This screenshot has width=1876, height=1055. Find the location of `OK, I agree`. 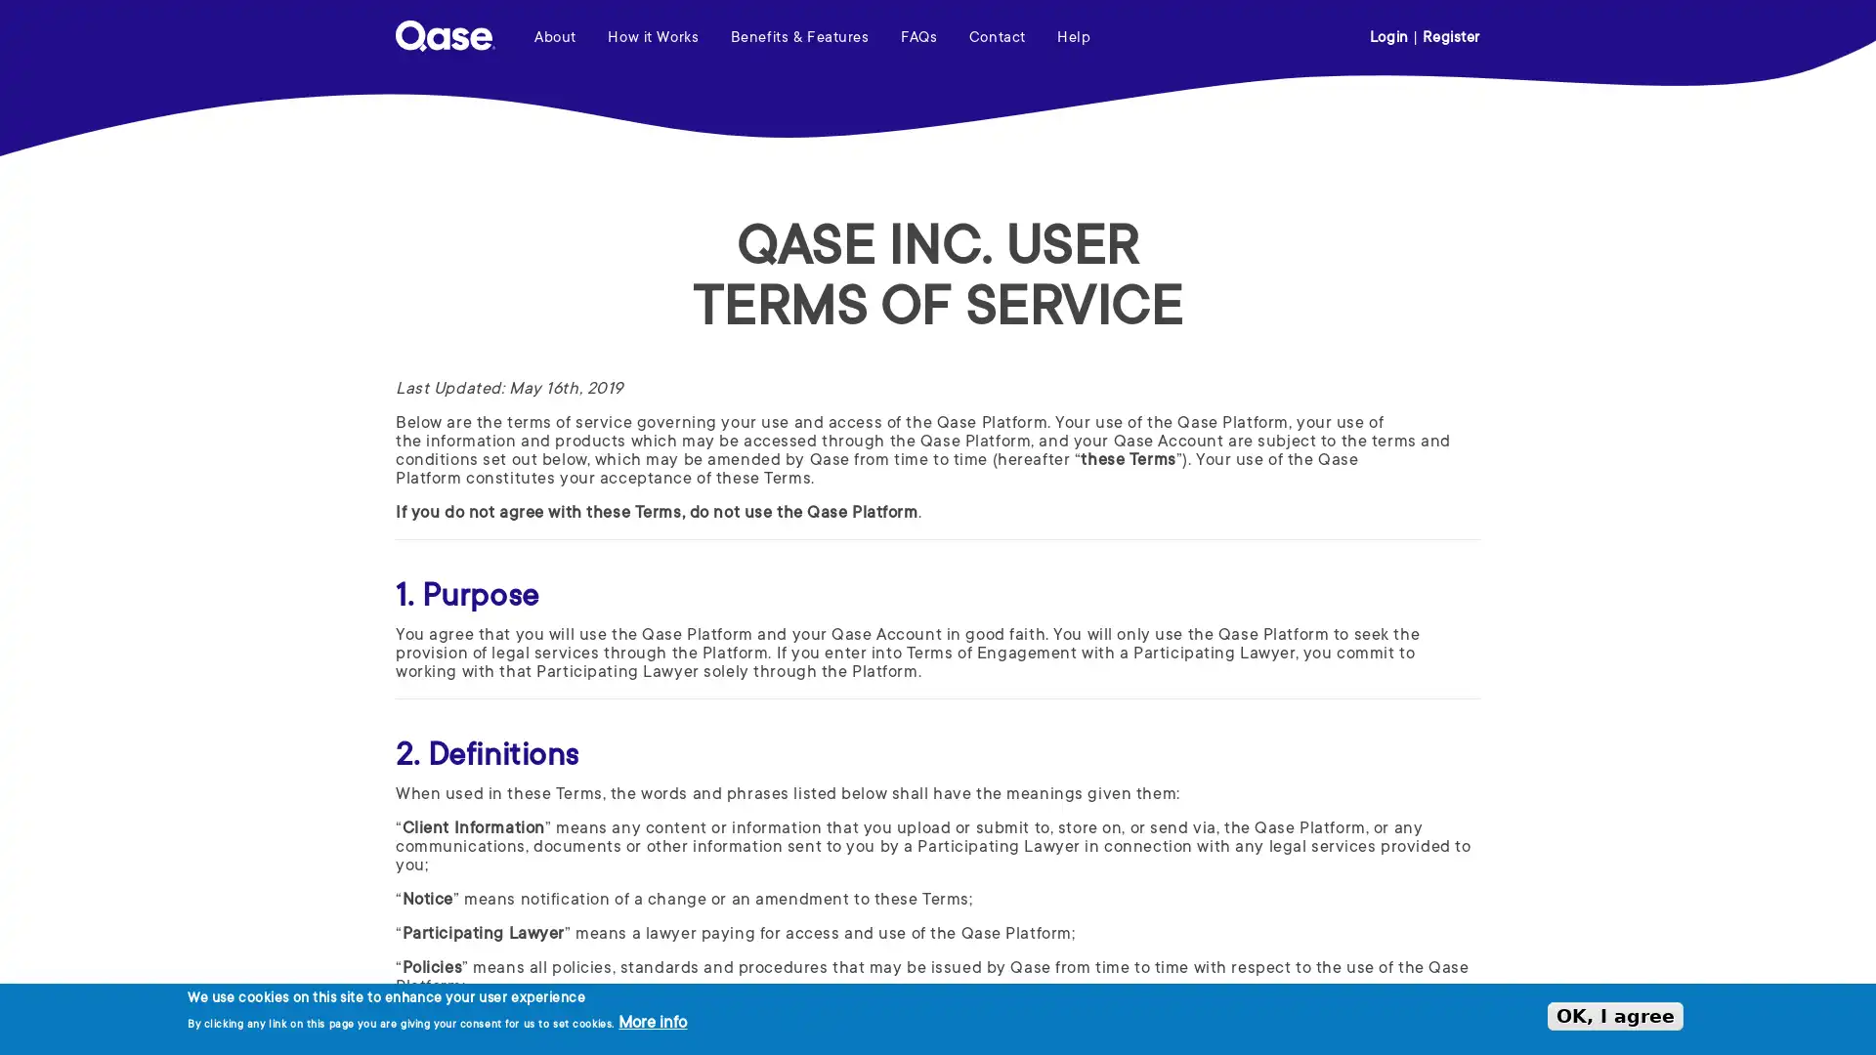

OK, I agree is located at coordinates (1615, 1015).